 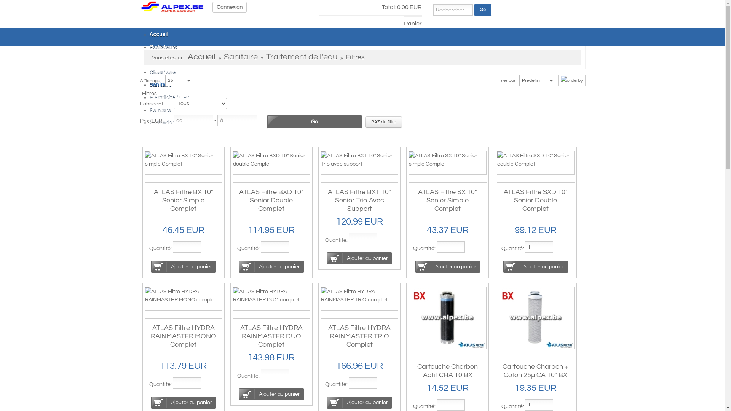 I want to click on 'Peinture', so click(x=160, y=110).